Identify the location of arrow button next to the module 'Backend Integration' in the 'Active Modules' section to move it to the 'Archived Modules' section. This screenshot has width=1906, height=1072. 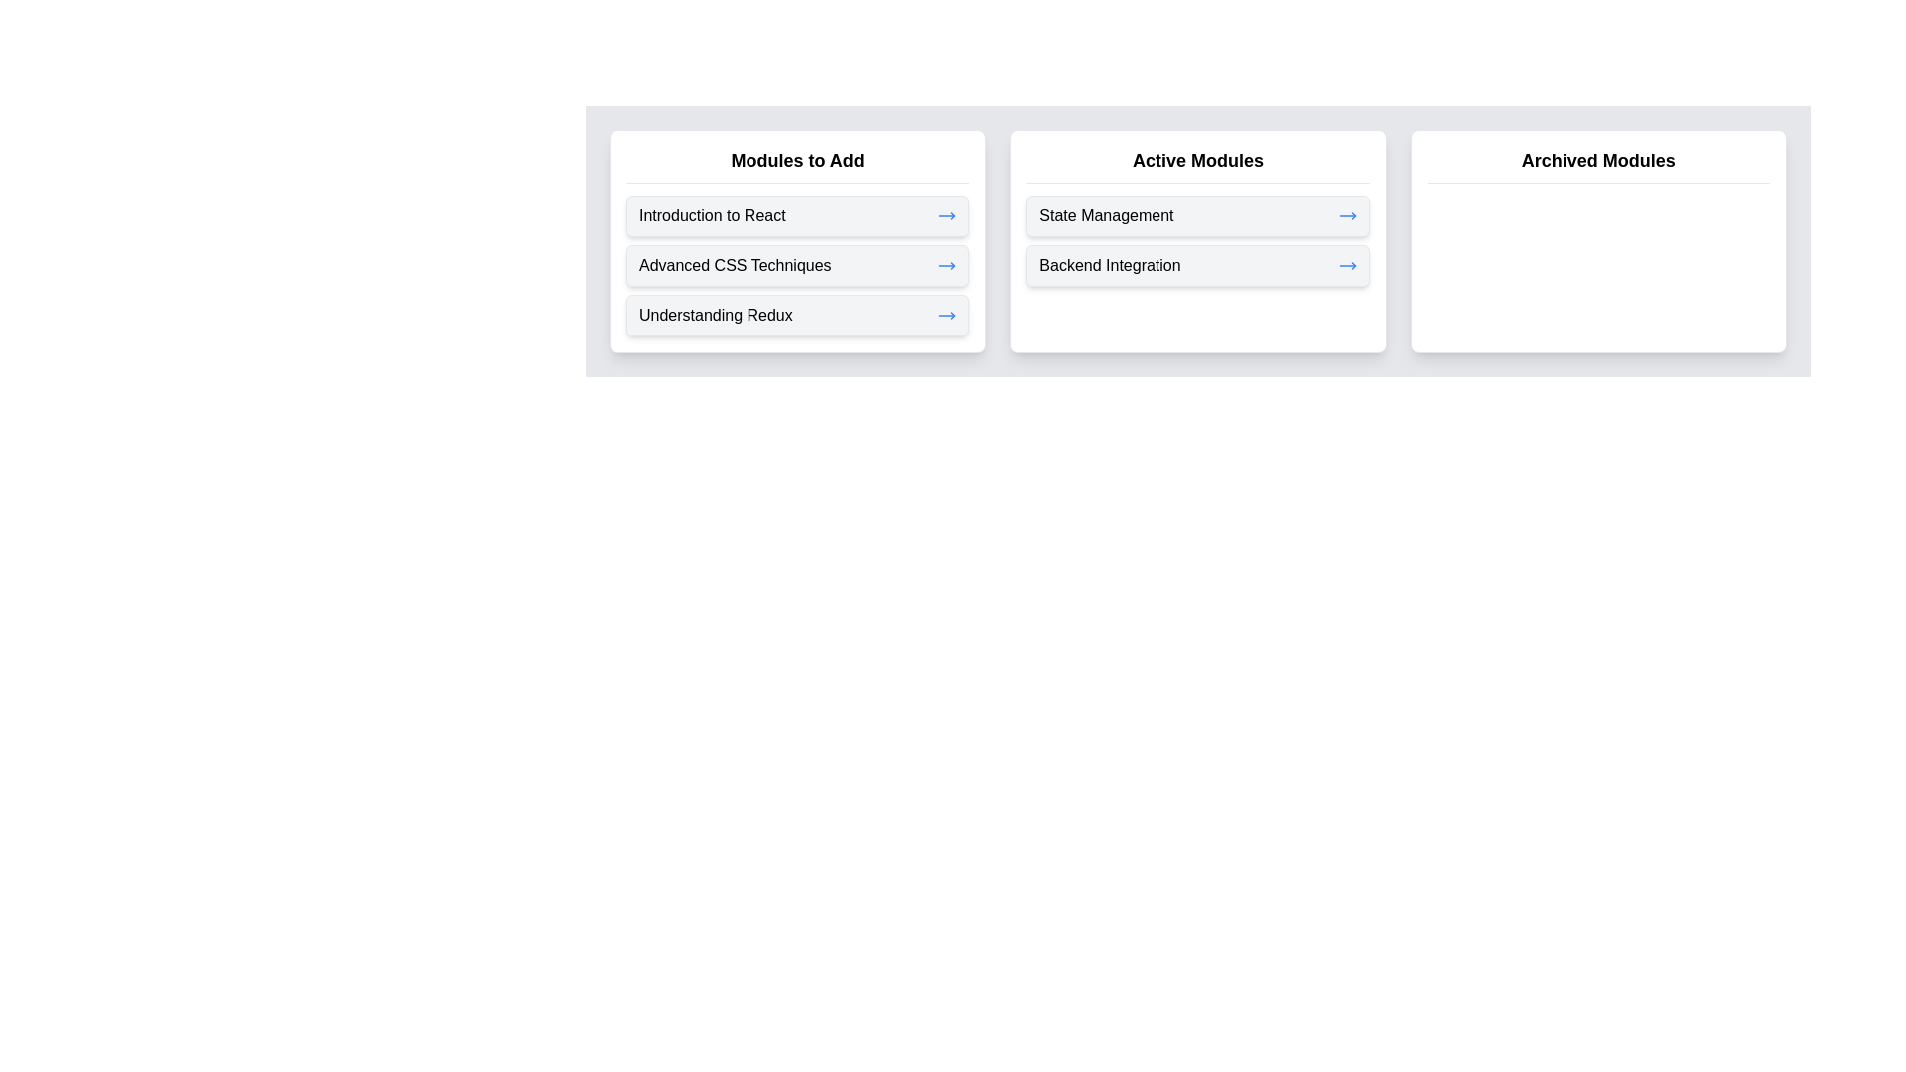
(1347, 264).